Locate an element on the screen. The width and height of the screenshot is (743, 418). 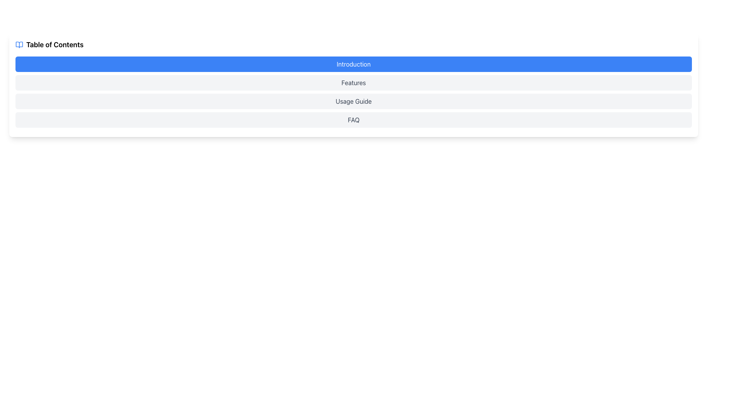
the blue outlined SVG icon resembling an open book, located near the top-left corner of the interface, adjacent to the 'Table of Contents' text is located at coordinates (19, 45).